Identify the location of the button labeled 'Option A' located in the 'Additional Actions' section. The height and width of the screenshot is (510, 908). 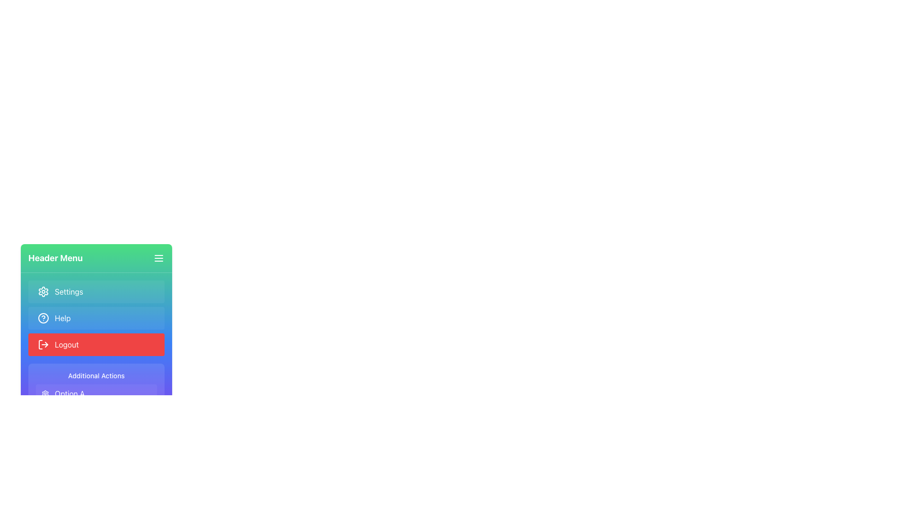
(96, 393).